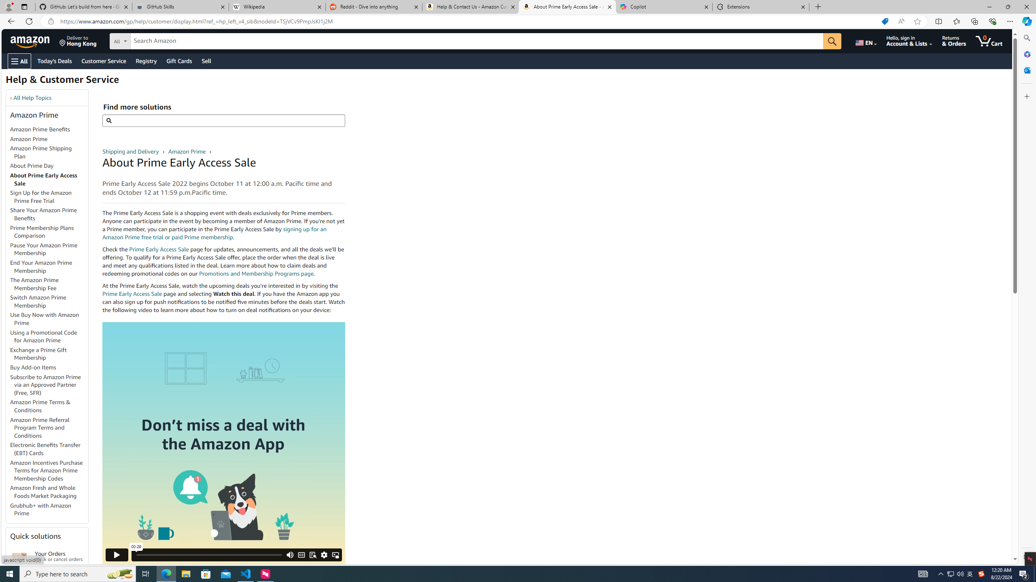 The image size is (1036, 582). I want to click on 'GitHub Skills', so click(180, 6).